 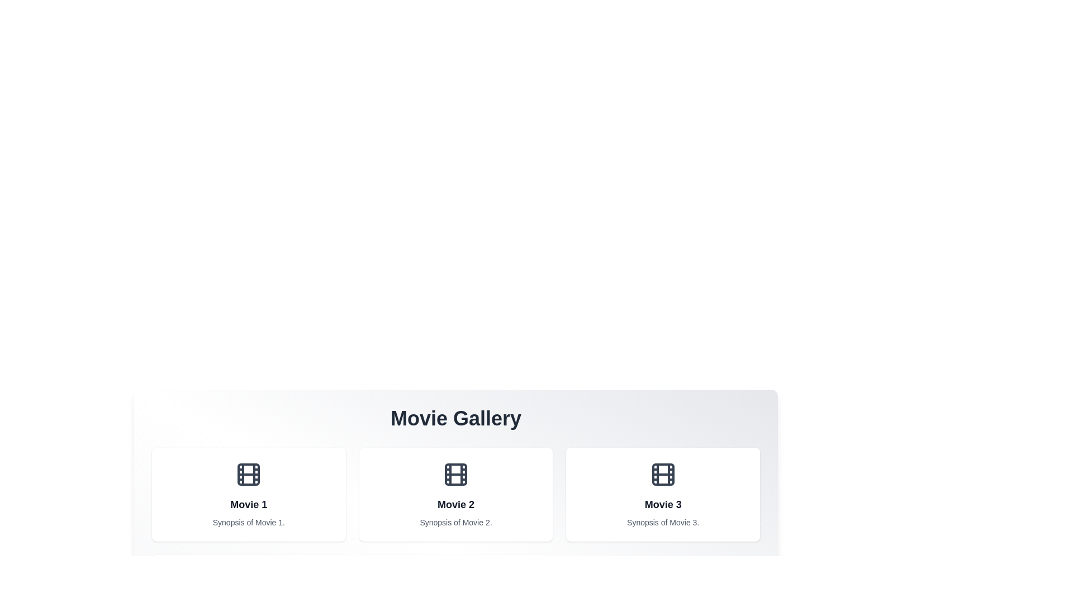 I want to click on the text label that reads 'Synopsis of Movie 2', which is located within the second movie card and is centered below the title 'Movie 2', so click(x=456, y=523).